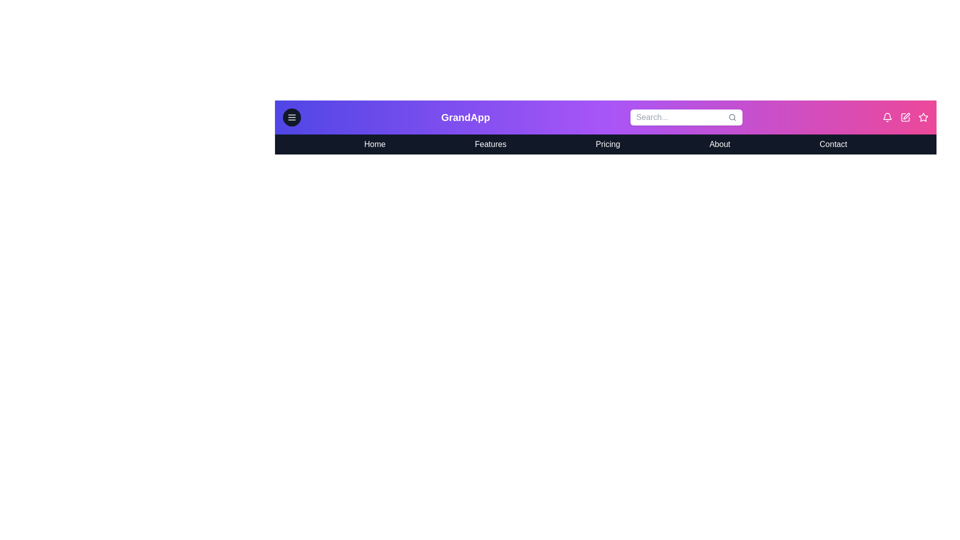  I want to click on notification bell icon, so click(887, 117).